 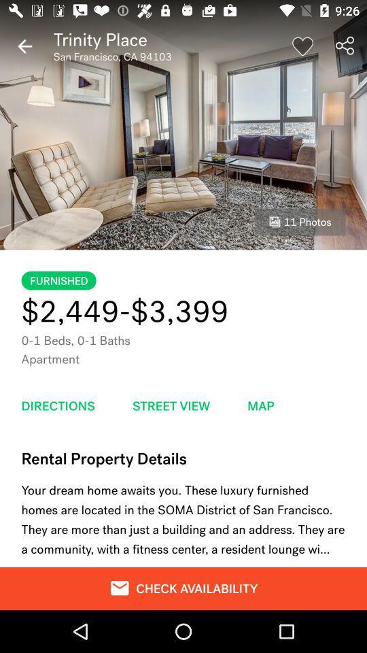 What do you see at coordinates (24, 46) in the screenshot?
I see `go back` at bounding box center [24, 46].